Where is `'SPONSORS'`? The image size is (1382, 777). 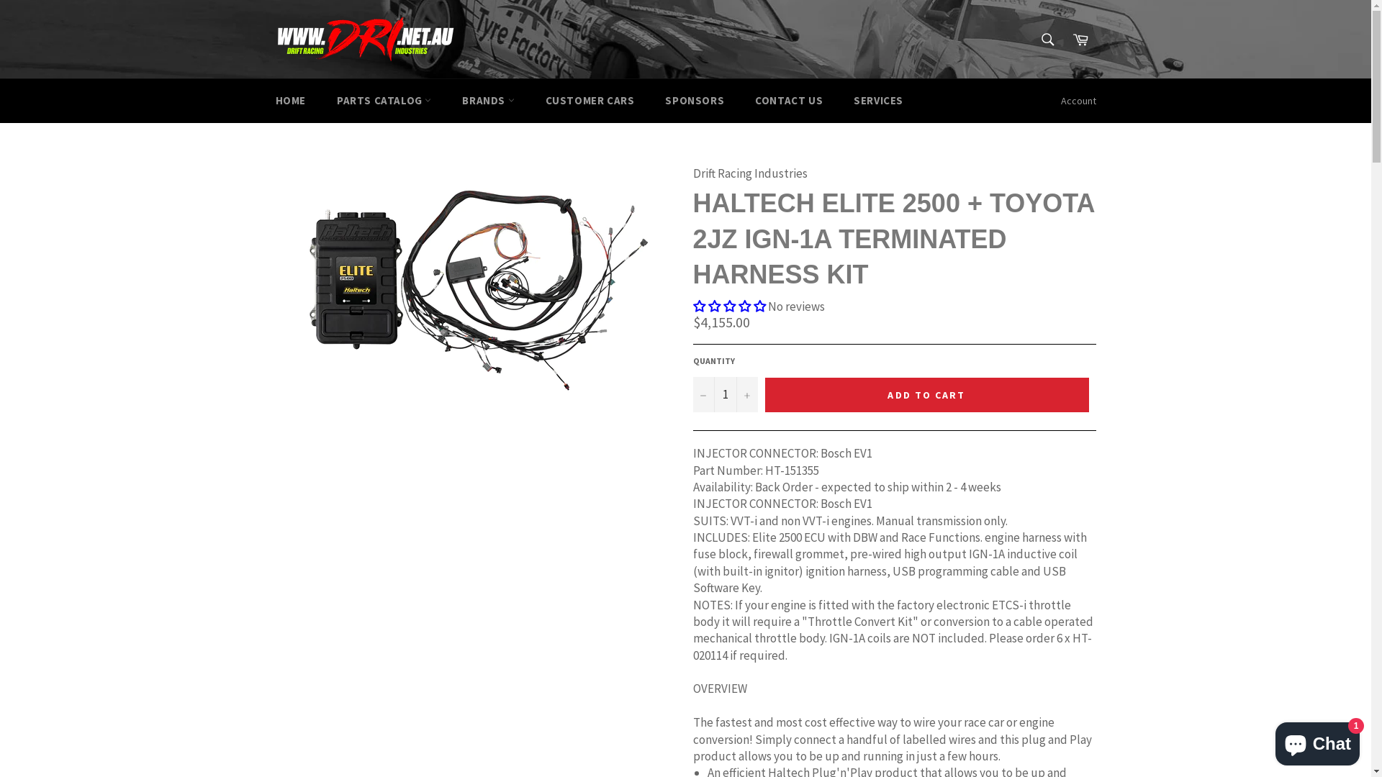 'SPONSORS' is located at coordinates (694, 100).